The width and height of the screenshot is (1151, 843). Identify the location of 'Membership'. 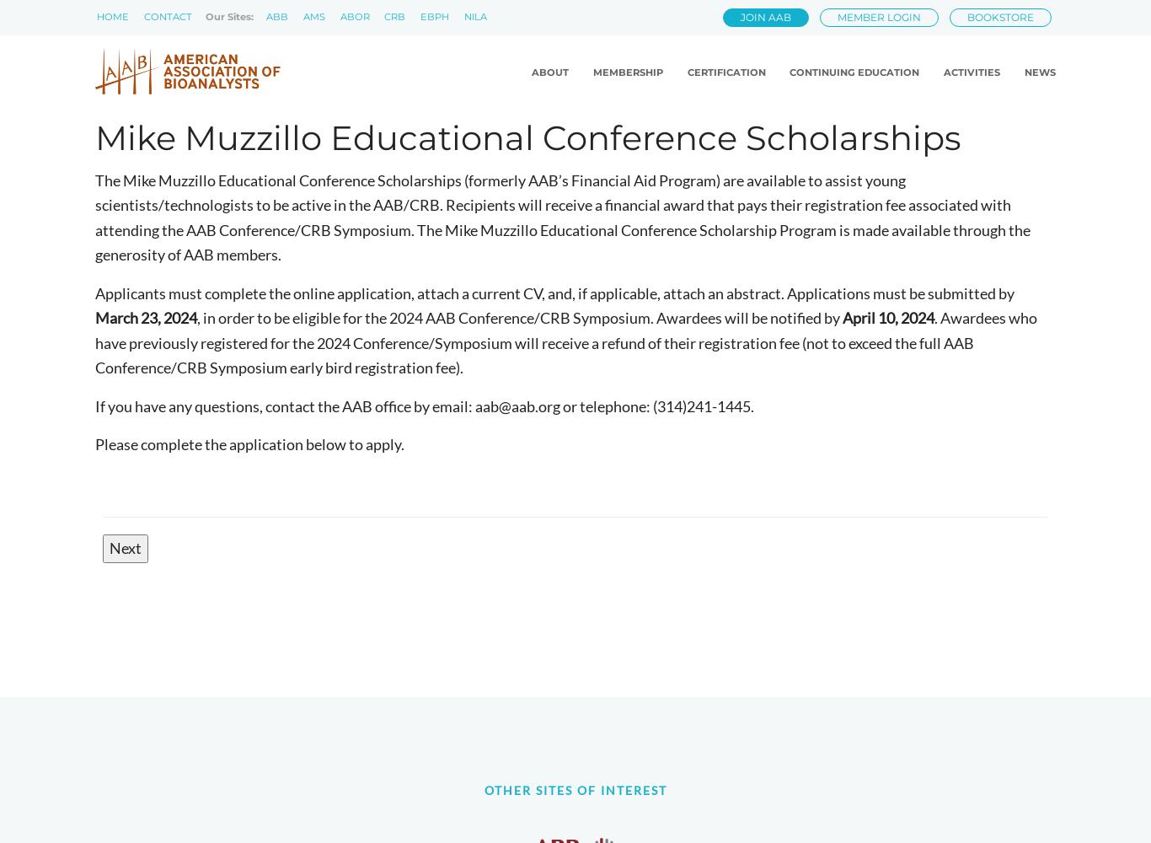
(627, 71).